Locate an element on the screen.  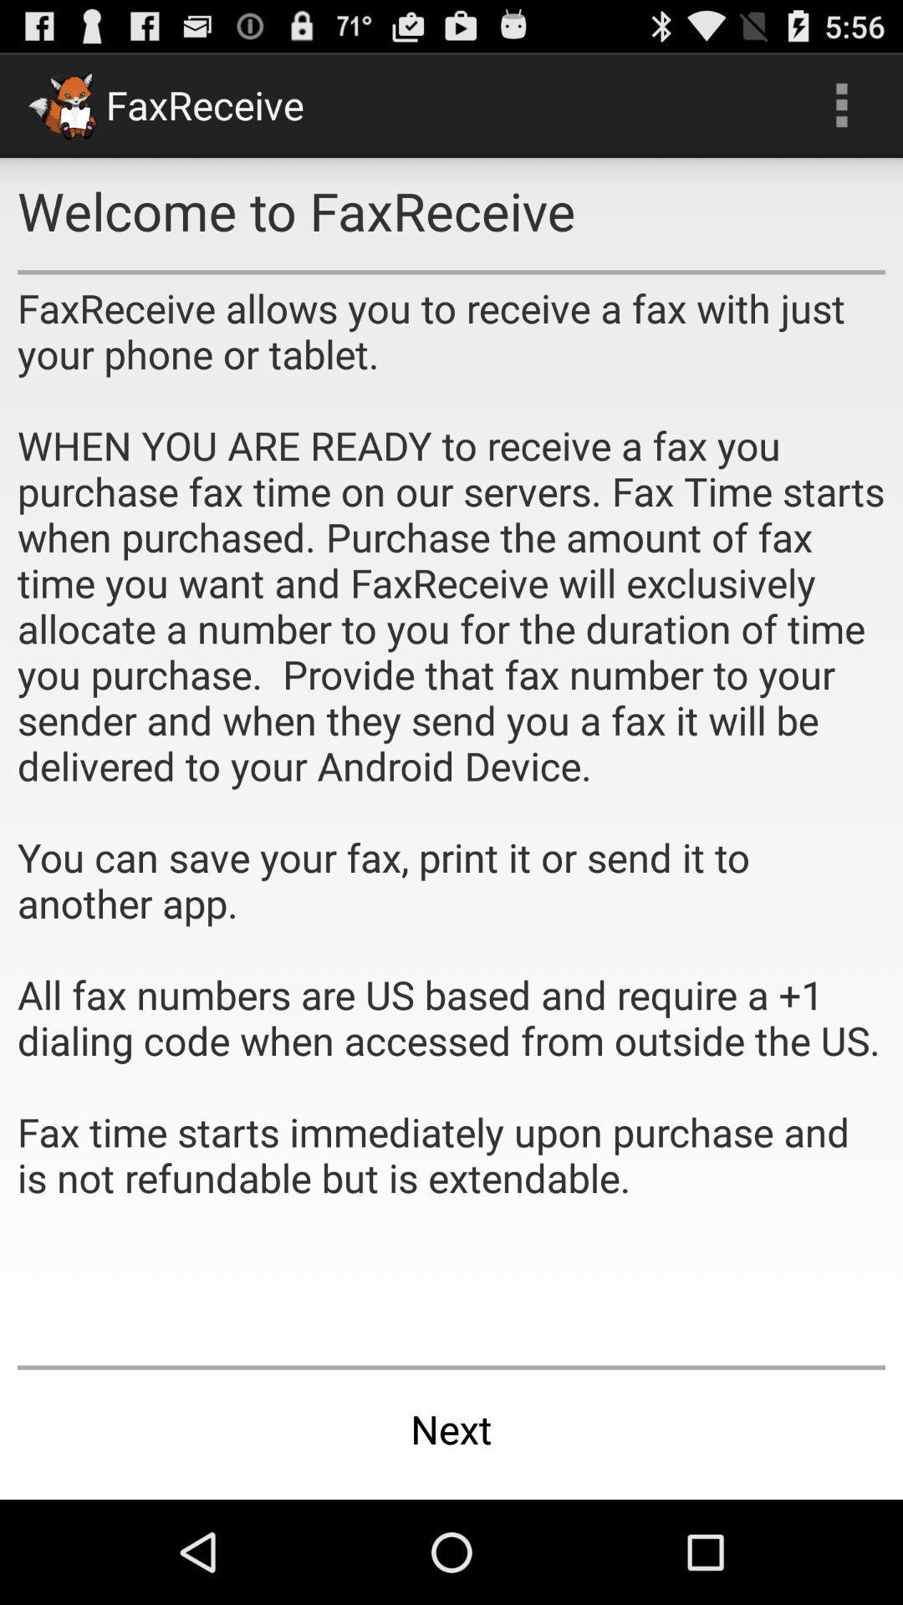
next icon is located at coordinates (451, 1428).